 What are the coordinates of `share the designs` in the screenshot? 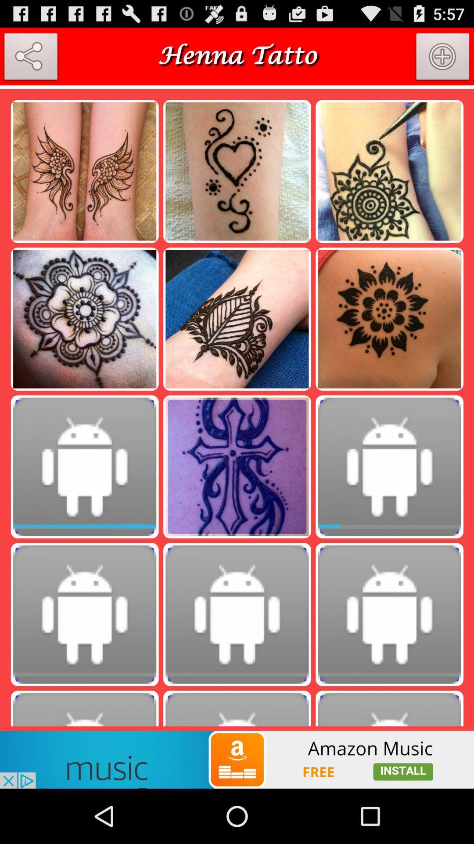 It's located at (30, 58).